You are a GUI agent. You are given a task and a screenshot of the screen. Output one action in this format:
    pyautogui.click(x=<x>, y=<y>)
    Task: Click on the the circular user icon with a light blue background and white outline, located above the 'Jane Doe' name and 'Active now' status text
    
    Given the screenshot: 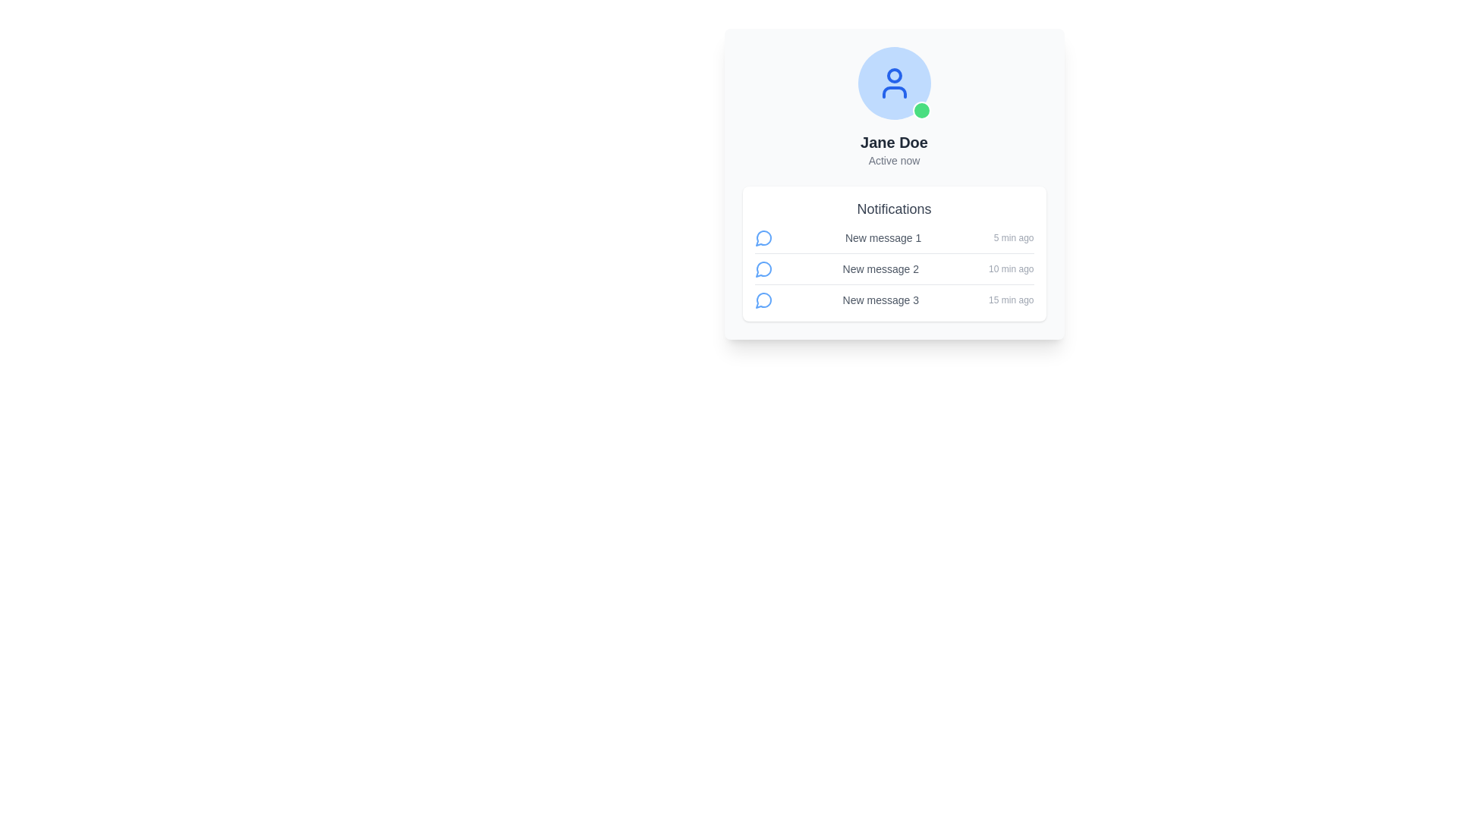 What is the action you would take?
    pyautogui.click(x=894, y=83)
    